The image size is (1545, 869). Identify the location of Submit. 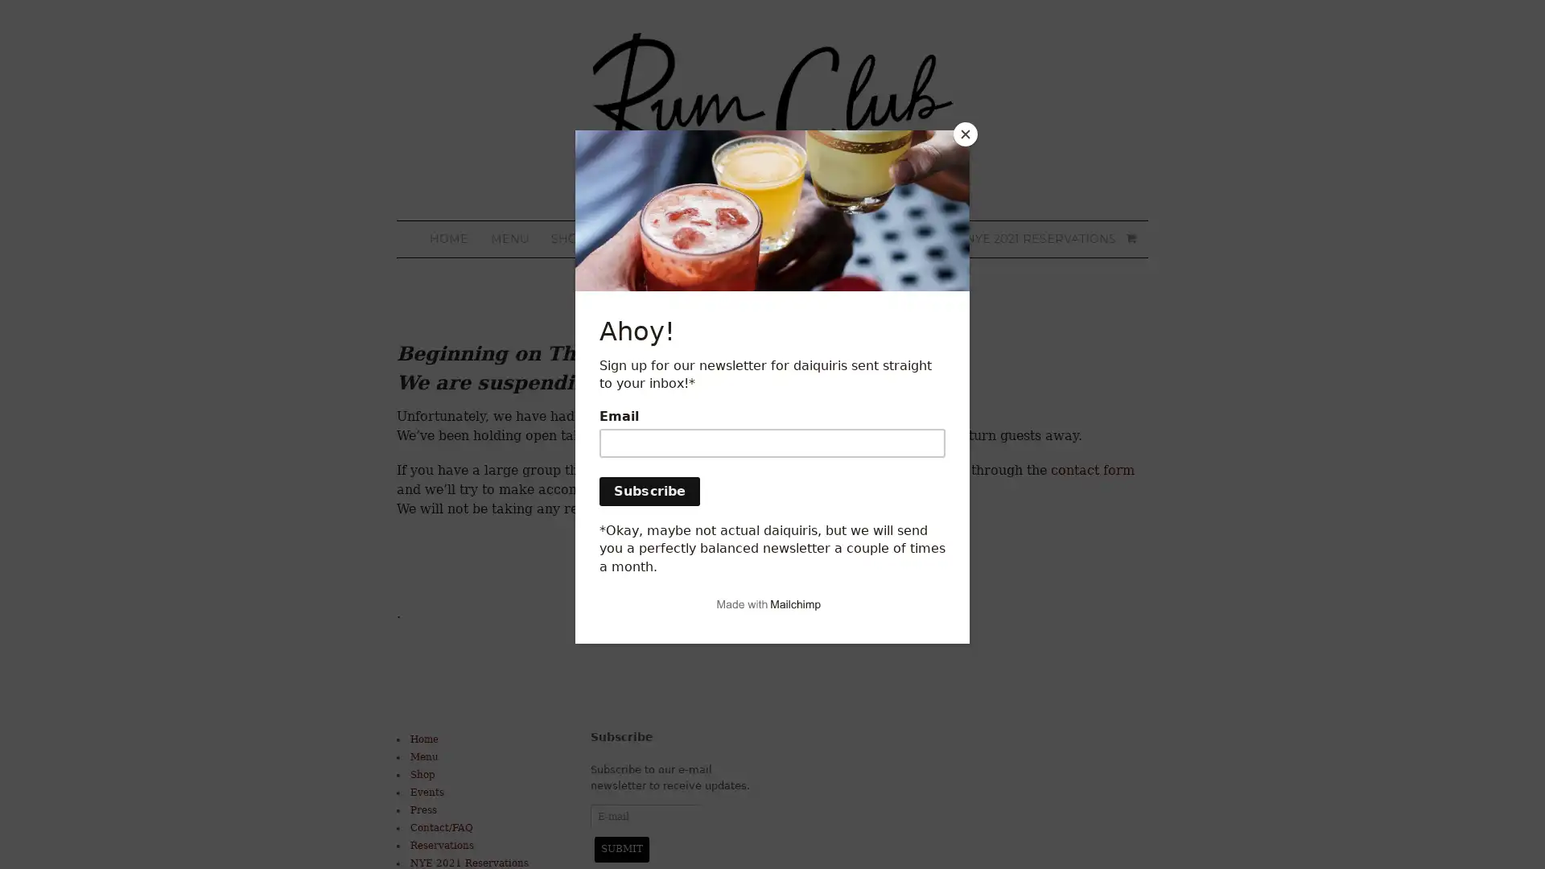
(616, 848).